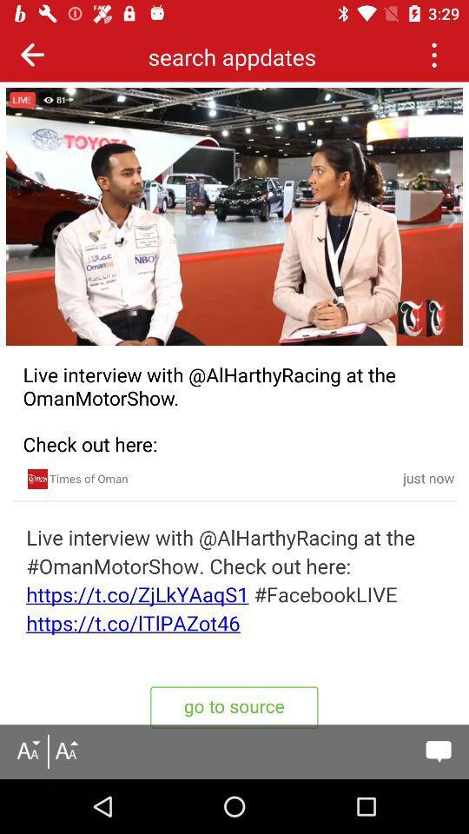 The width and height of the screenshot is (469, 834). What do you see at coordinates (433, 54) in the screenshot?
I see `the crush button` at bounding box center [433, 54].